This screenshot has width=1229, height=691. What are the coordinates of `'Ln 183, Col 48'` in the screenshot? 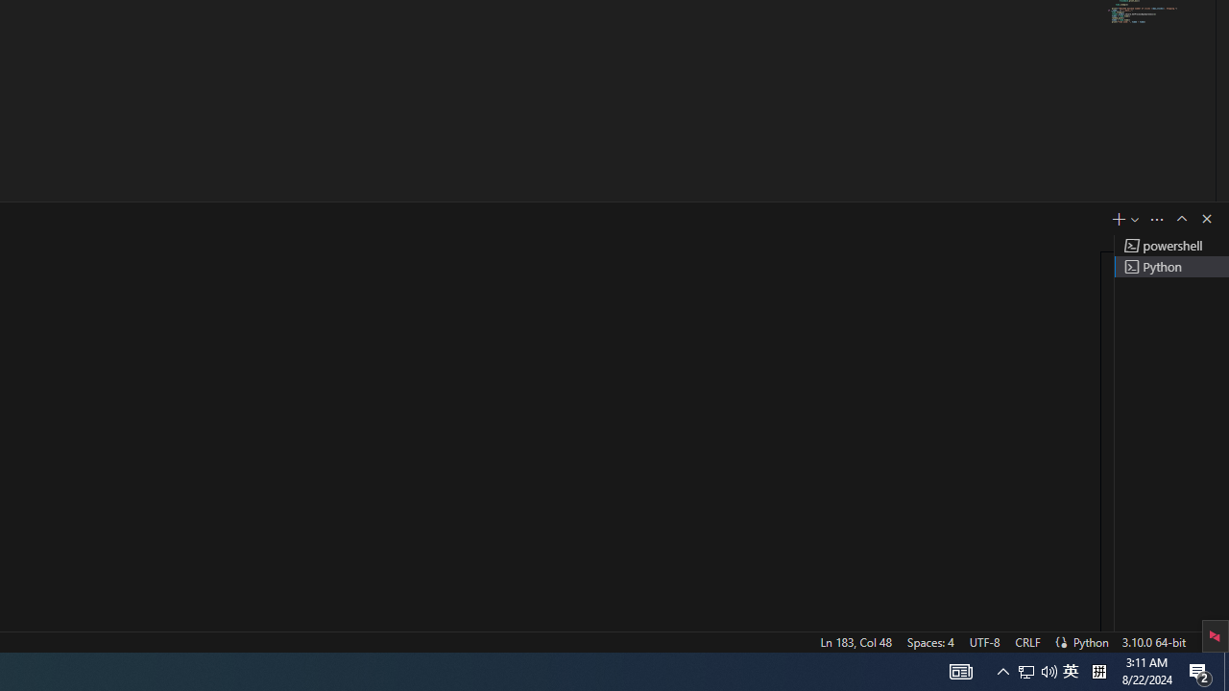 It's located at (855, 641).